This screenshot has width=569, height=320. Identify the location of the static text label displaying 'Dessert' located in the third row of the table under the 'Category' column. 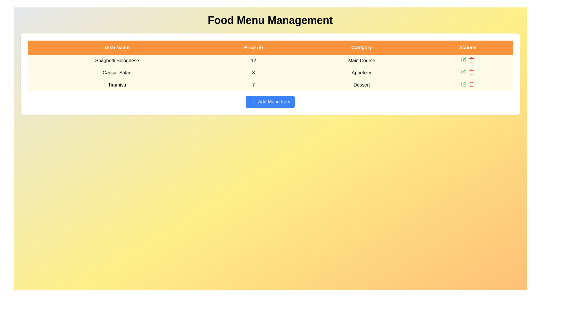
(361, 85).